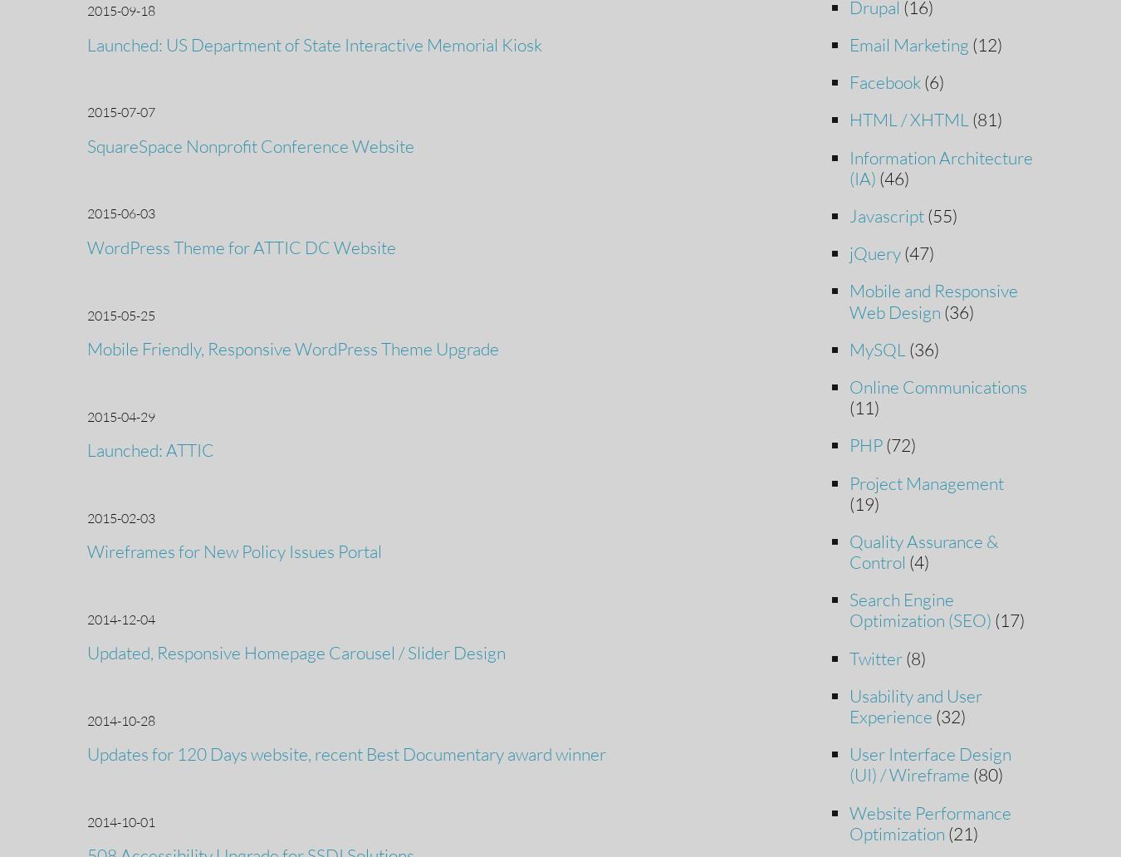  I want to click on 'Javascript', so click(886, 215).